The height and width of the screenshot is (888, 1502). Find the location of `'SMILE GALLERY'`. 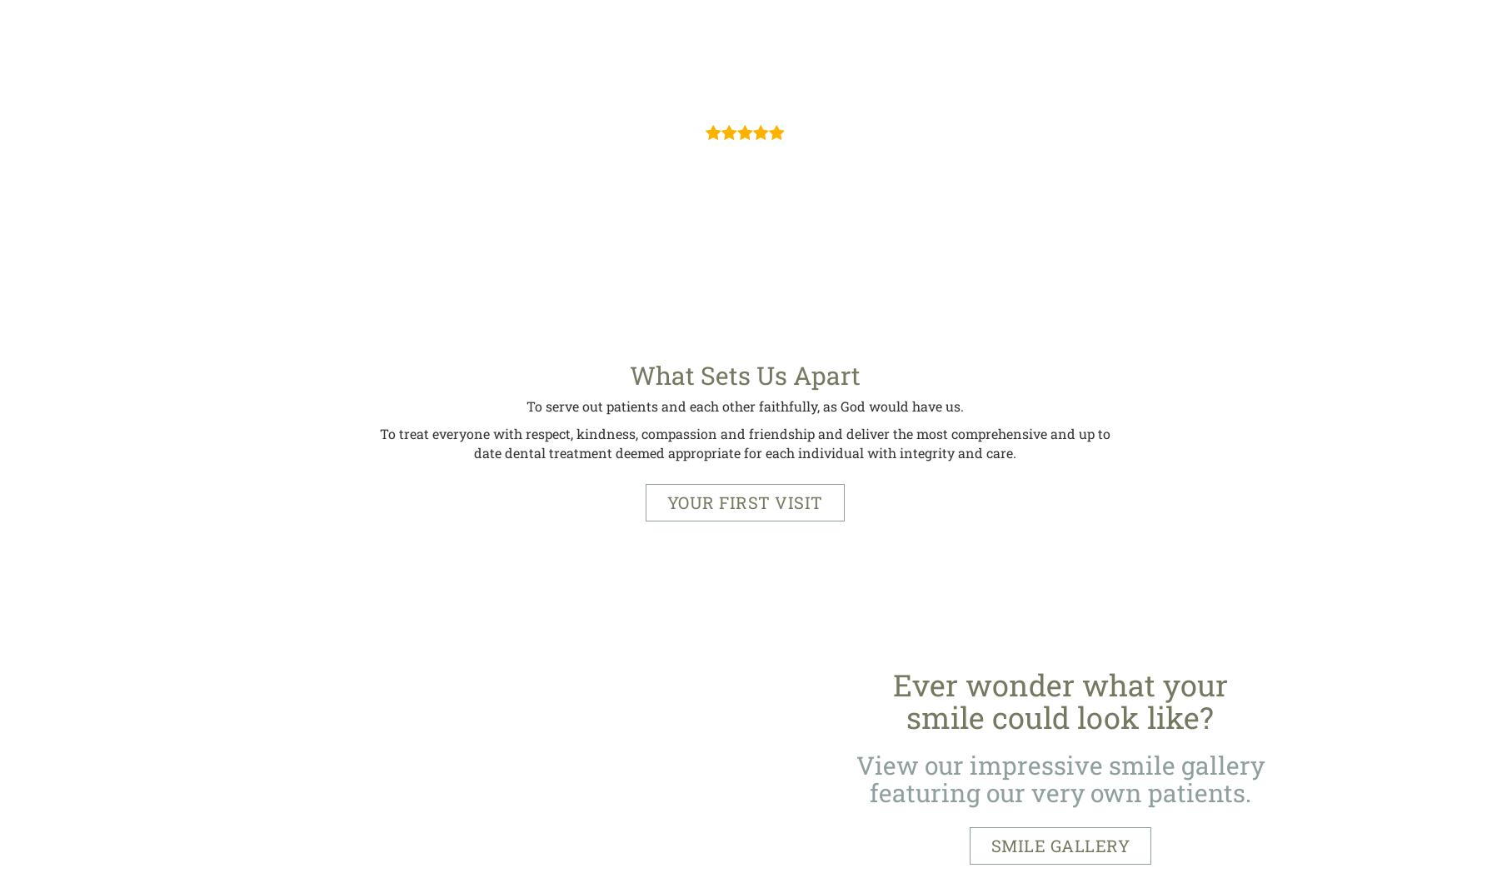

'SMILE GALLERY' is located at coordinates (990, 846).